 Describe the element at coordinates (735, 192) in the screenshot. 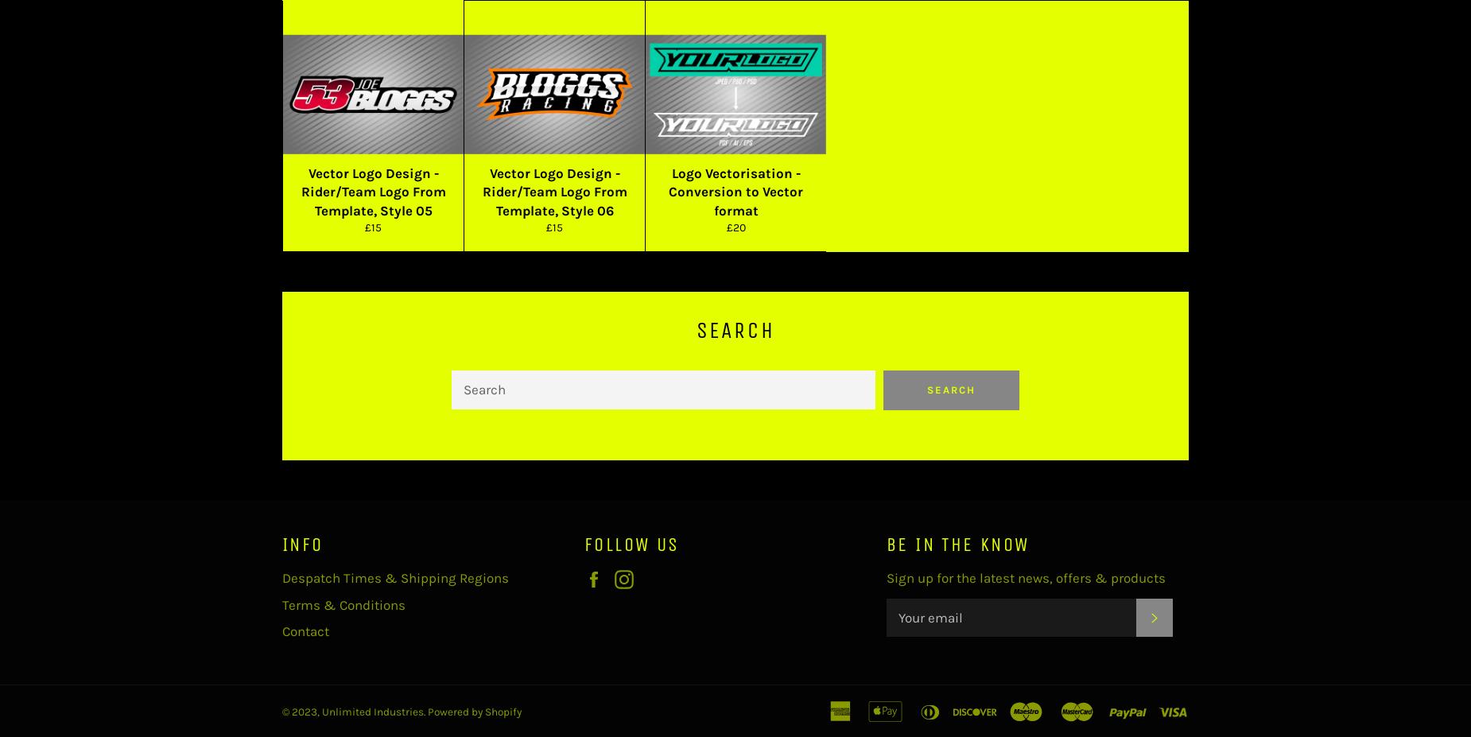

I see `'Logo Vectorisation - Conversion to Vector format'` at that location.